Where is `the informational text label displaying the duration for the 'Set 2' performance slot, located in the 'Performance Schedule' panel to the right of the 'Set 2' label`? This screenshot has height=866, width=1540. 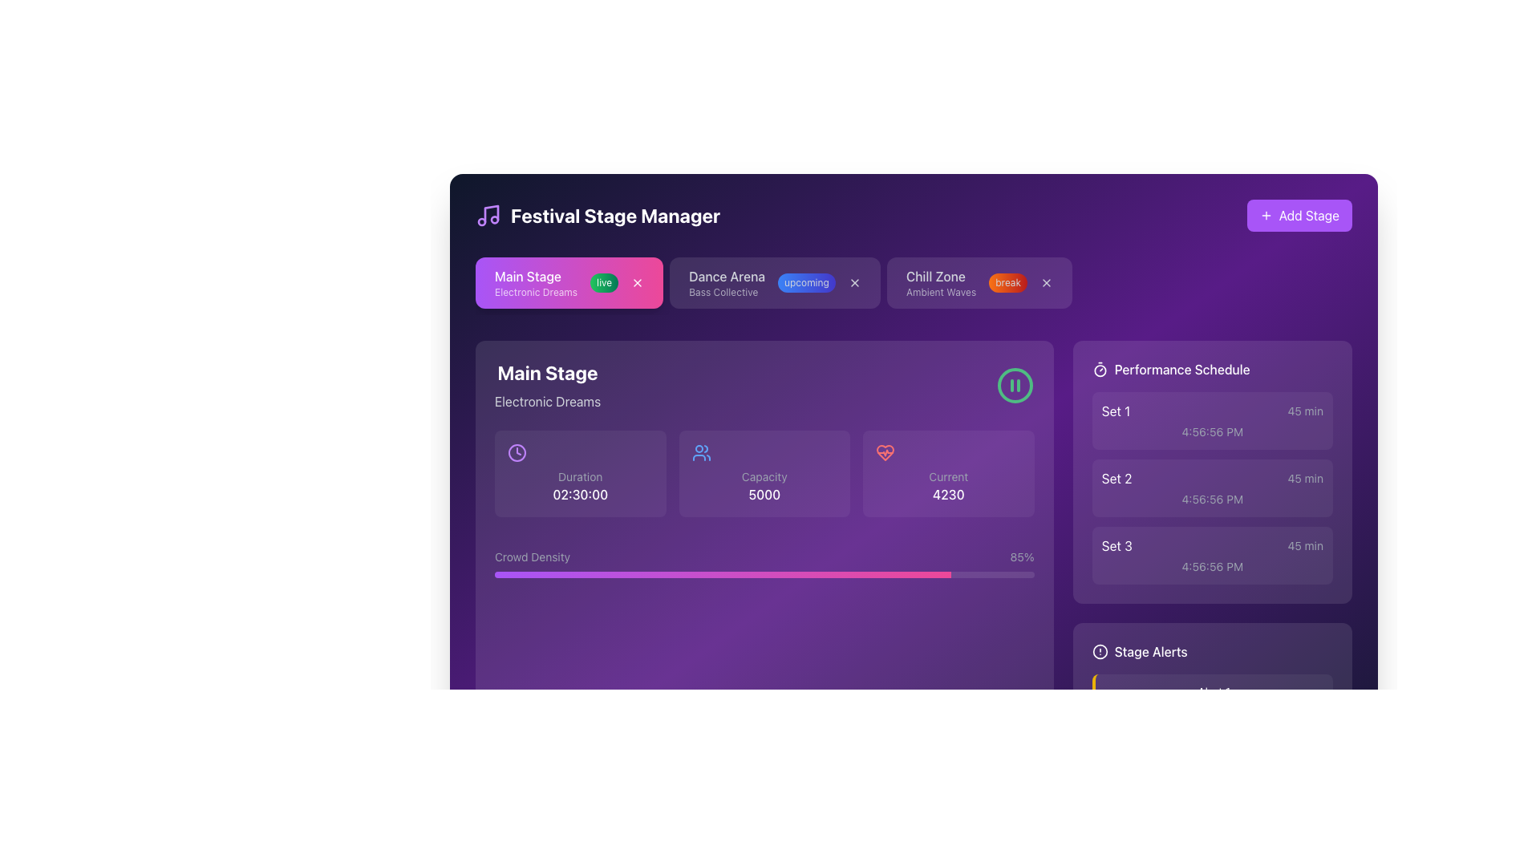
the informational text label displaying the duration for the 'Set 2' performance slot, located in the 'Performance Schedule' panel to the right of the 'Set 2' label is located at coordinates (1305, 478).